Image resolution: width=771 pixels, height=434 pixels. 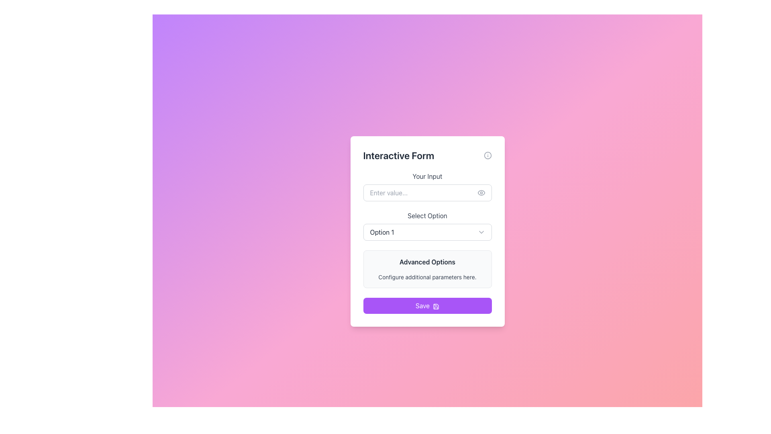 What do you see at coordinates (398, 155) in the screenshot?
I see `the header text element located at the top center of the modal, which serves as the title indicating the interface's purpose` at bounding box center [398, 155].